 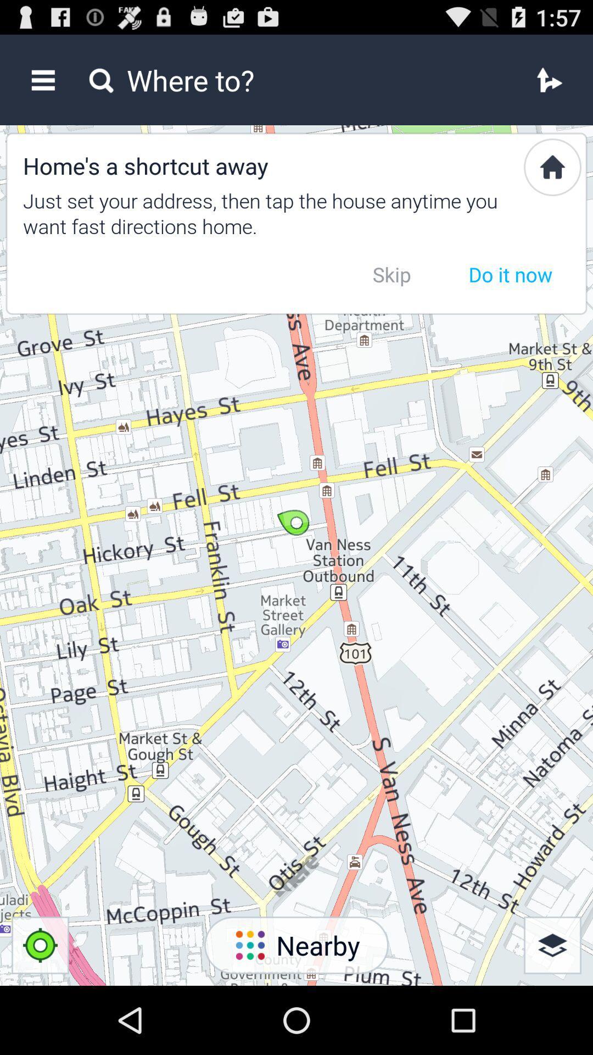 What do you see at coordinates (552, 1011) in the screenshot?
I see `the layers icon` at bounding box center [552, 1011].